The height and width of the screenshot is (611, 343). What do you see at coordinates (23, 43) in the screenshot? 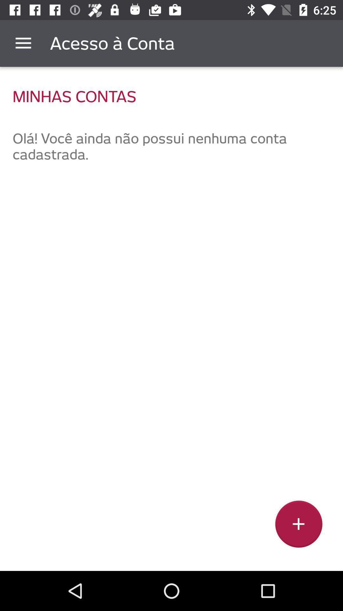
I see `item above minhas contas item` at bounding box center [23, 43].